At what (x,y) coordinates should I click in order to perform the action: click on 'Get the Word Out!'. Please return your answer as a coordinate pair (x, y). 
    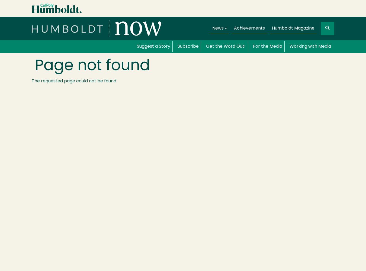
    Looking at the image, I should click on (226, 47).